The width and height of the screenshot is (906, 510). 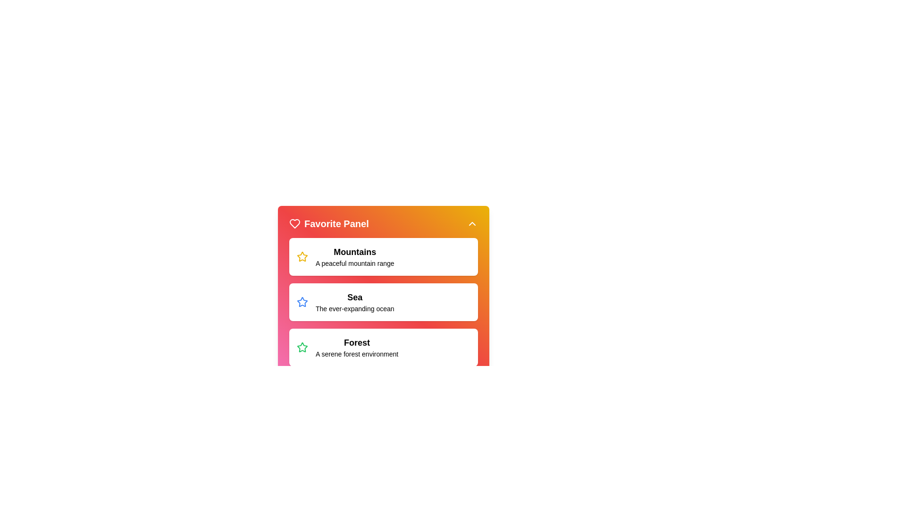 I want to click on the star-shaped icon with a yellow outline located to the left of the 'Mountains' text label to interact, so click(x=302, y=256).